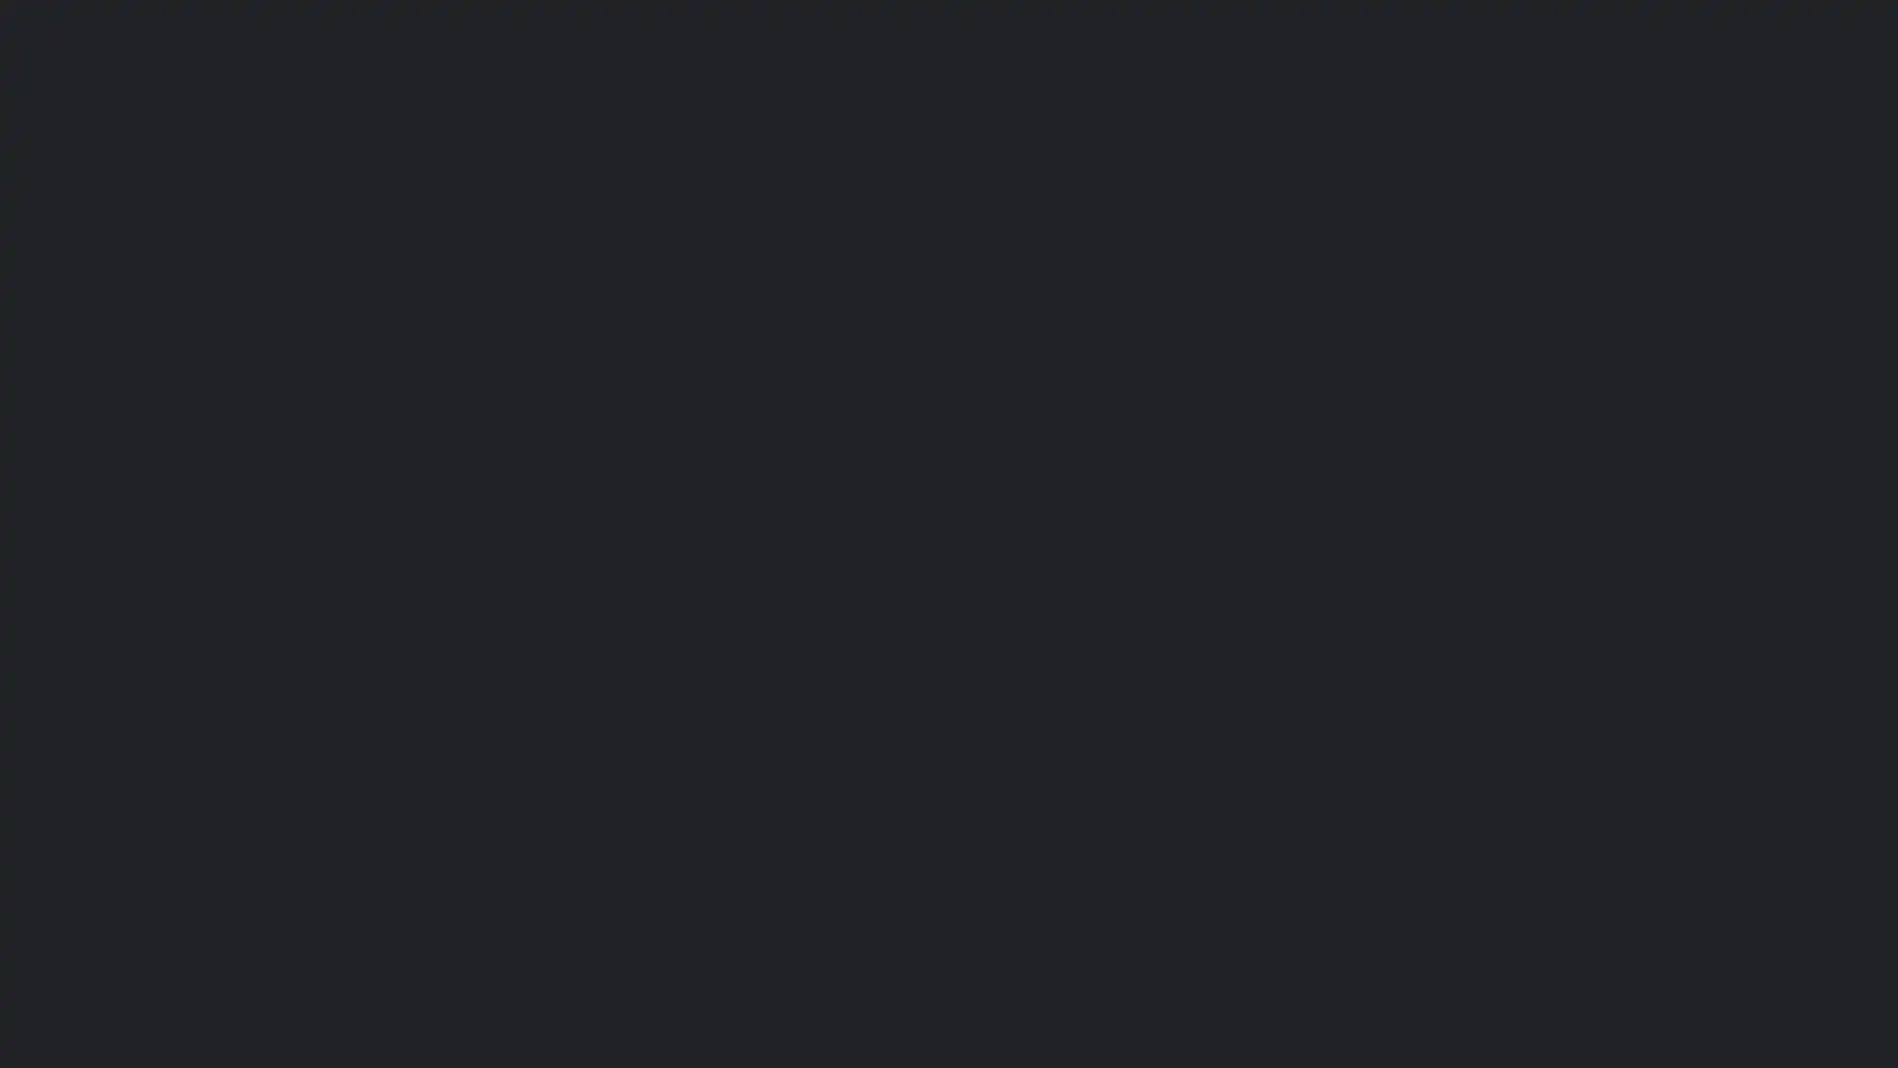  I want to click on Forgot your password?, so click(658, 601).